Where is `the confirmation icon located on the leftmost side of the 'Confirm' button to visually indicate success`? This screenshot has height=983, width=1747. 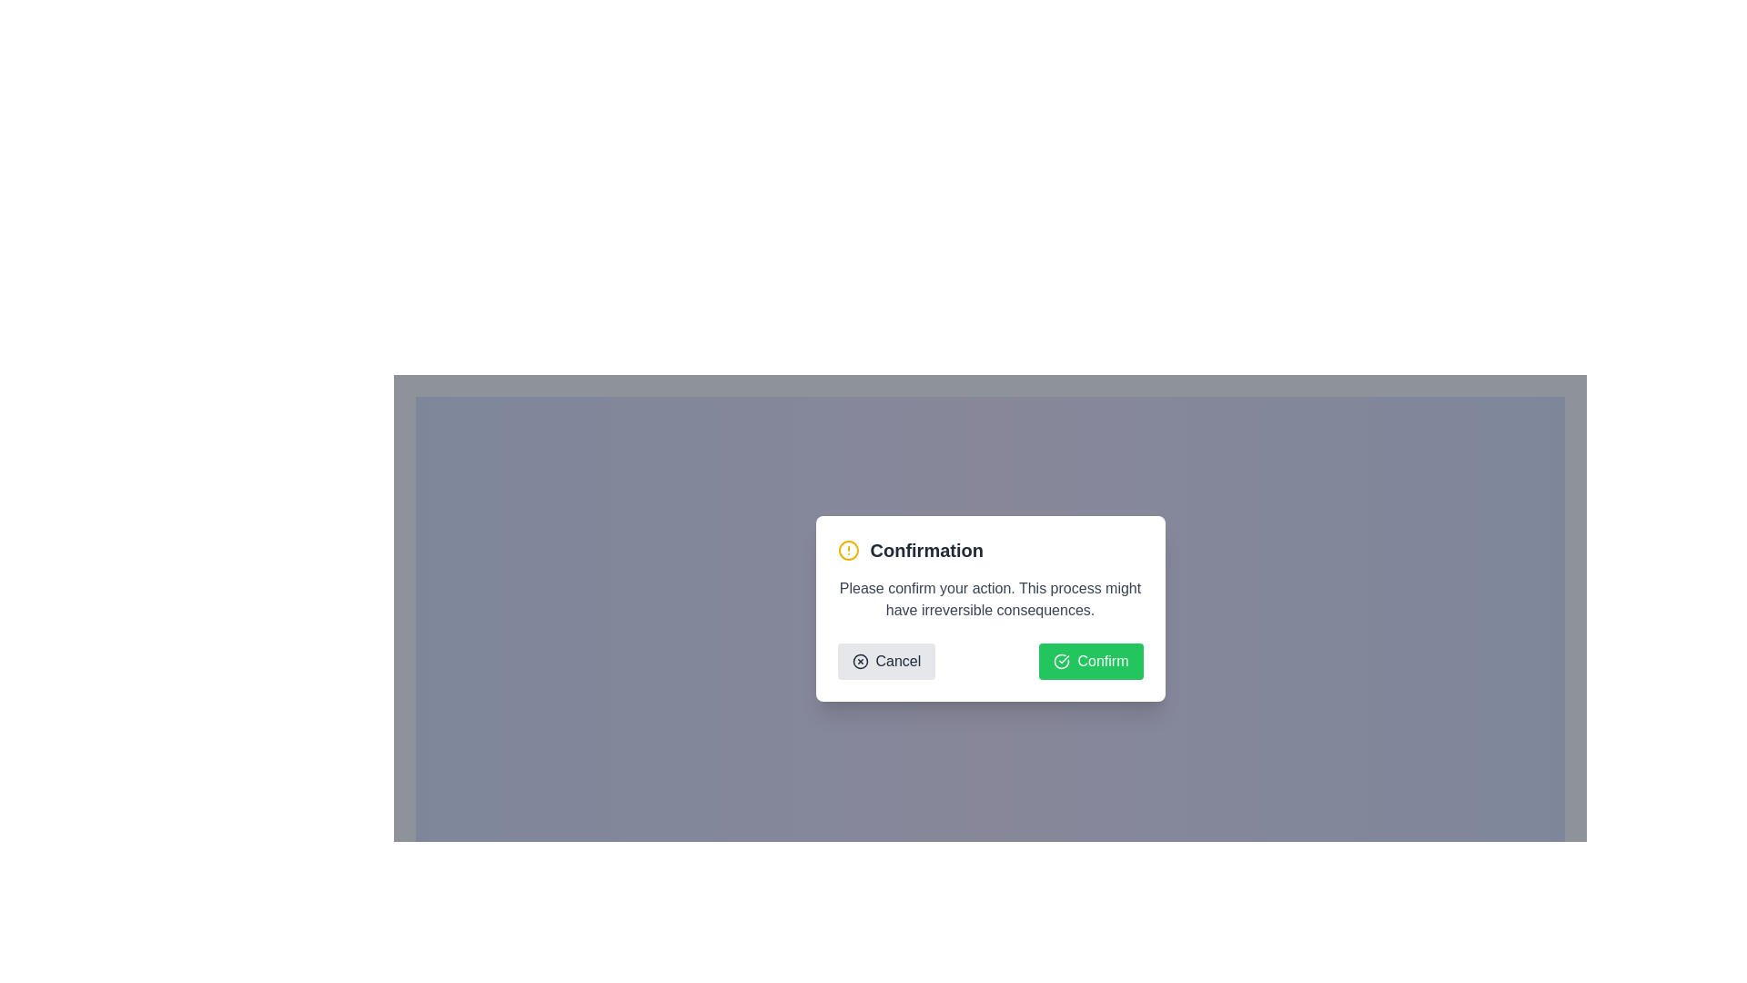 the confirmation icon located on the leftmost side of the 'Confirm' button to visually indicate success is located at coordinates (1062, 661).